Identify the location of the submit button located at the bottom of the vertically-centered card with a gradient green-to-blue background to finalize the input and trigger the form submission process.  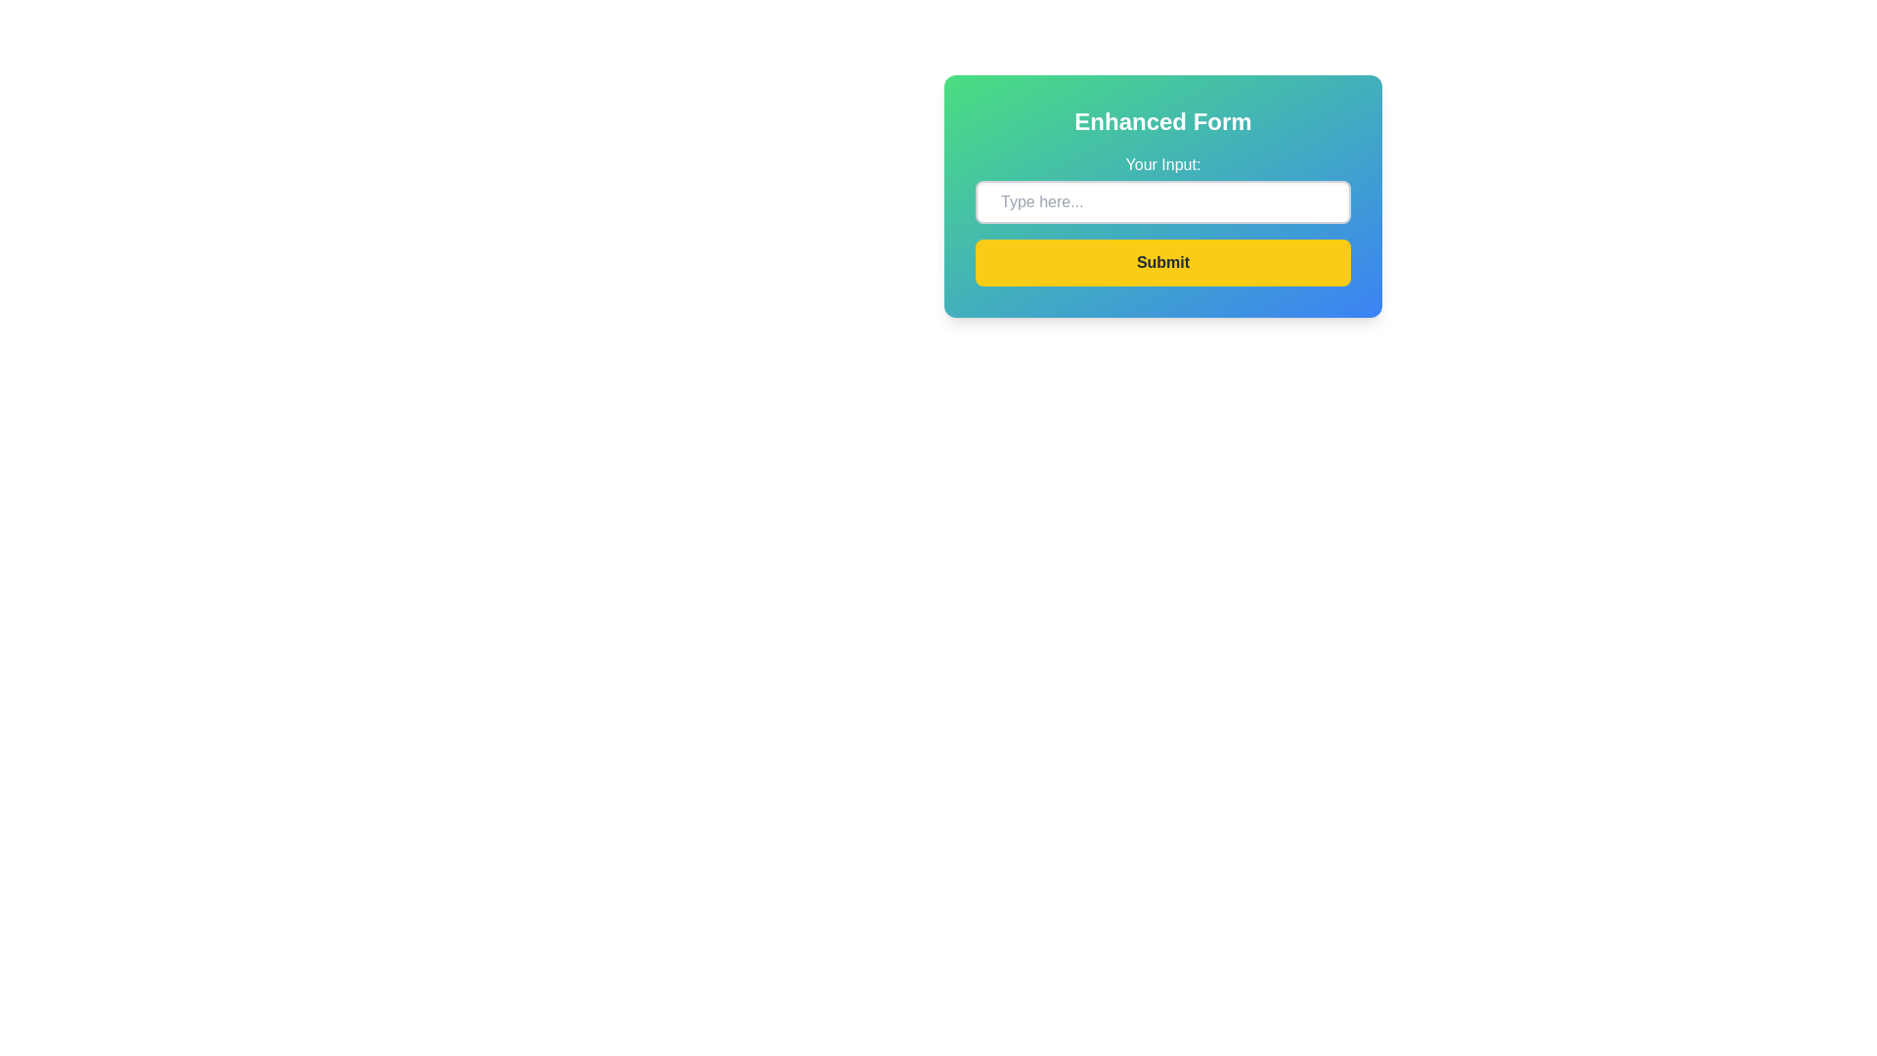
(1163, 262).